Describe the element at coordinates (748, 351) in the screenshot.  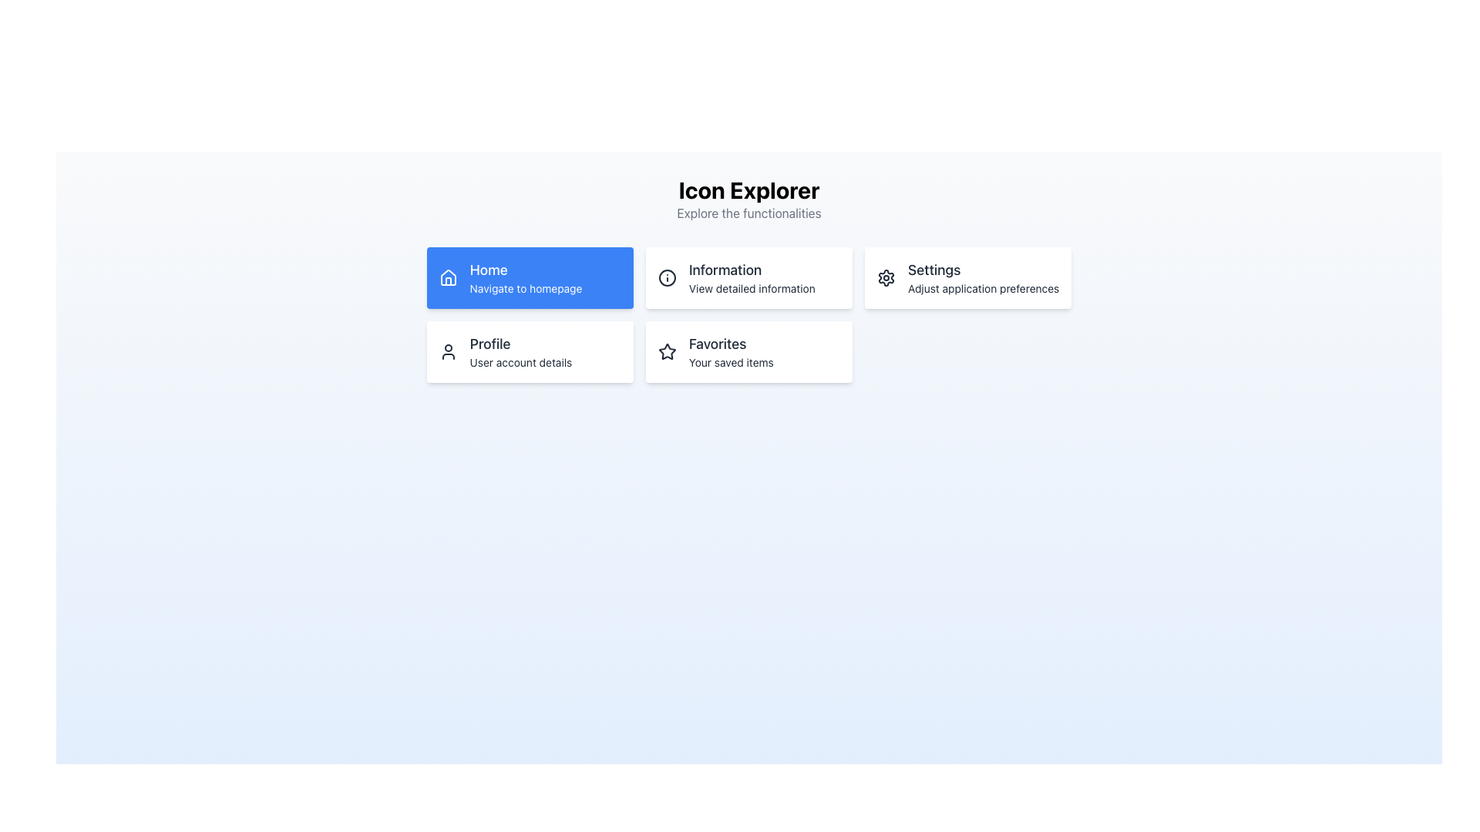
I see `the 'Favorites' button located in the bottom right corner of the grid layout` at that location.